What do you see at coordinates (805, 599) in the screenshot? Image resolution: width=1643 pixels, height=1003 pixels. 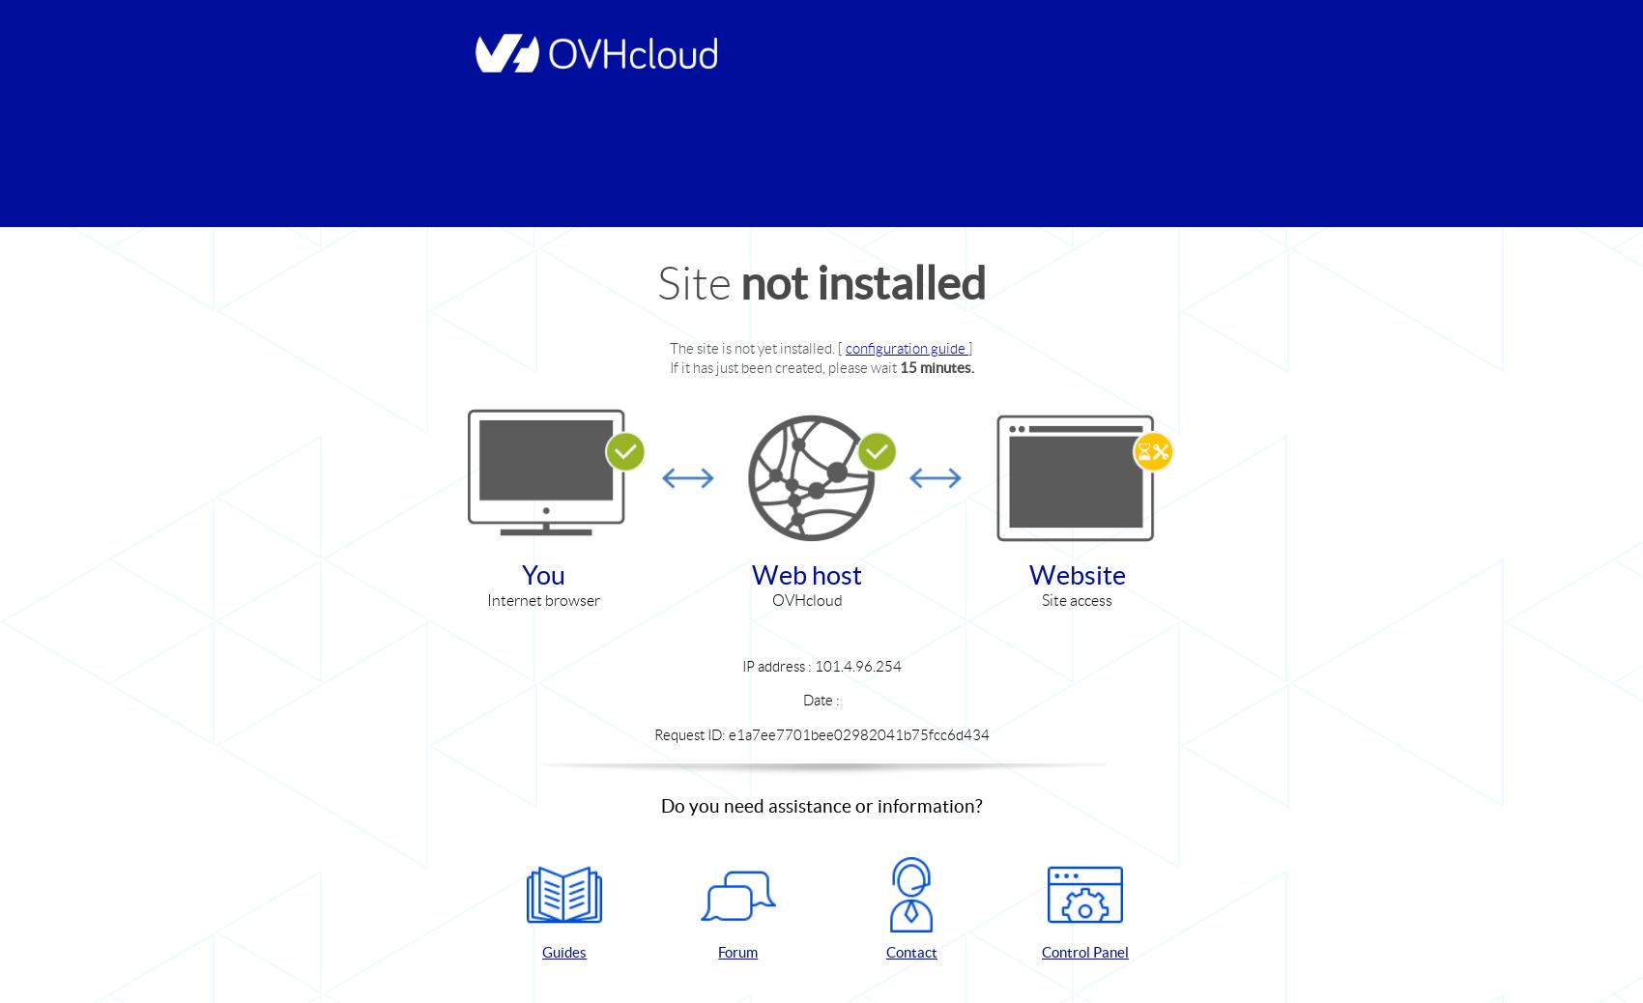 I see `'OVHcloud'` at bounding box center [805, 599].